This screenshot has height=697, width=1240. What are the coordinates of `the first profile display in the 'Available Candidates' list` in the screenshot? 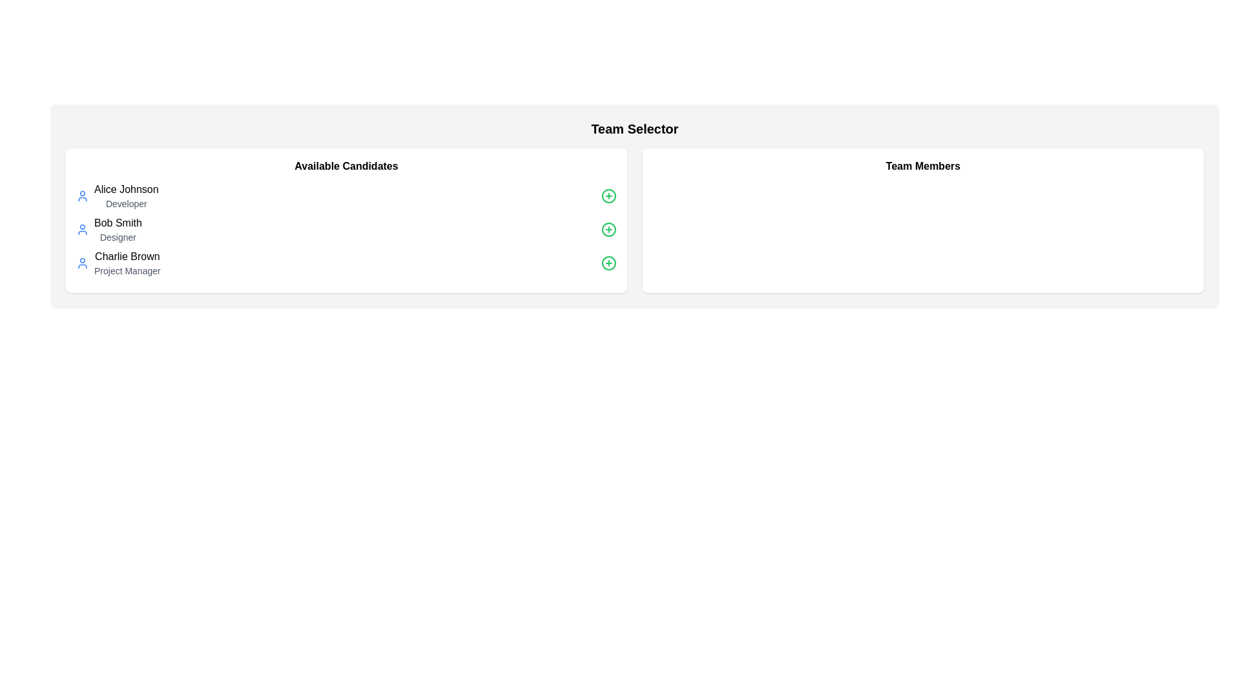 It's located at (117, 196).